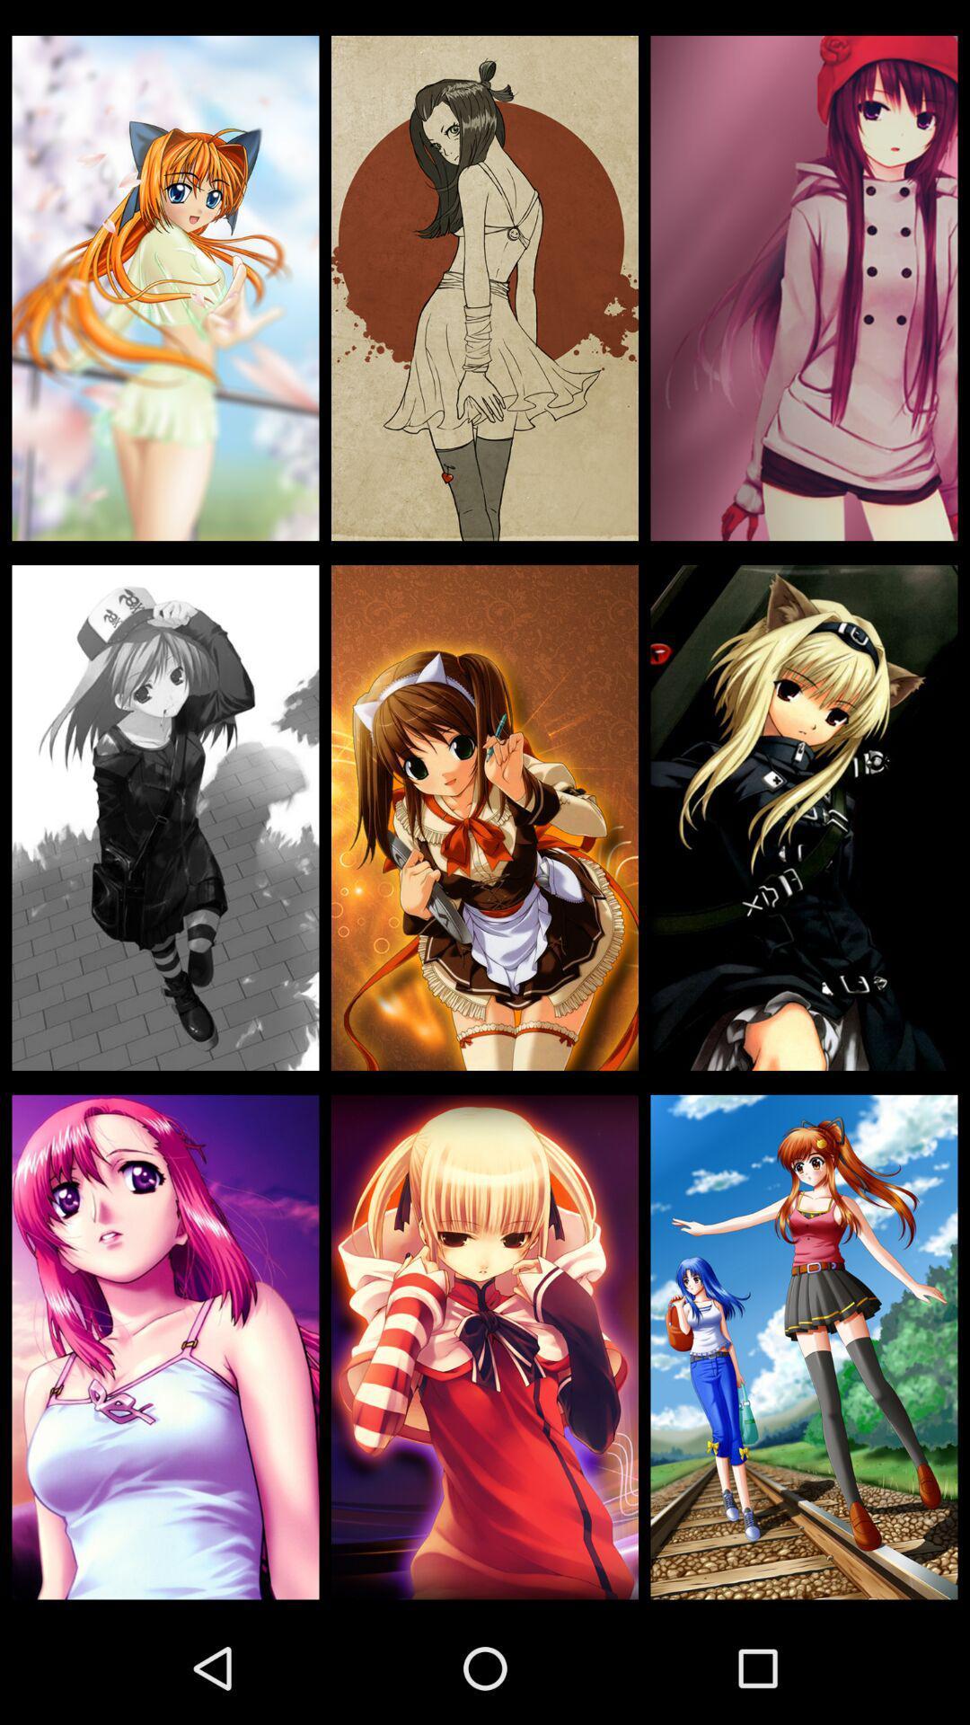 This screenshot has width=970, height=1725. Describe the element at coordinates (485, 1347) in the screenshot. I see `item at the bottom` at that location.